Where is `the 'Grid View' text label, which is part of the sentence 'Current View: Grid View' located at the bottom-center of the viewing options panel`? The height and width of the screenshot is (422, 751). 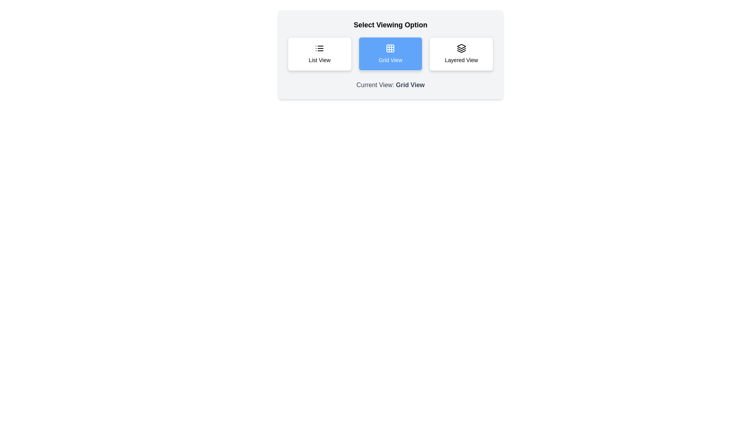 the 'Grid View' text label, which is part of the sentence 'Current View: Grid View' located at the bottom-center of the viewing options panel is located at coordinates (410, 85).